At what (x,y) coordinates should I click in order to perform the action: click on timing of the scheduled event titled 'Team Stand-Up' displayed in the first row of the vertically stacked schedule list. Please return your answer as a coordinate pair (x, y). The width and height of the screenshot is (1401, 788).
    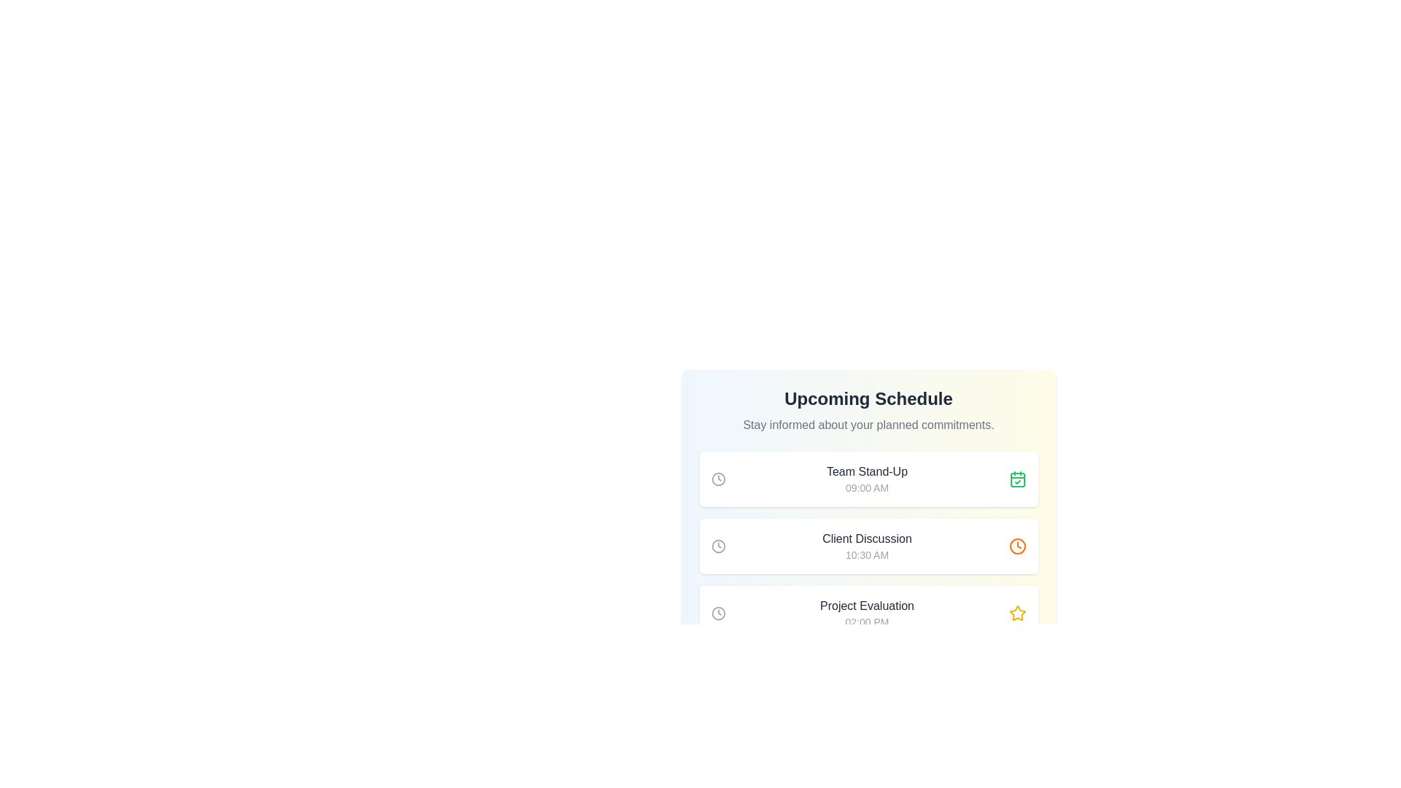
    Looking at the image, I should click on (867, 479).